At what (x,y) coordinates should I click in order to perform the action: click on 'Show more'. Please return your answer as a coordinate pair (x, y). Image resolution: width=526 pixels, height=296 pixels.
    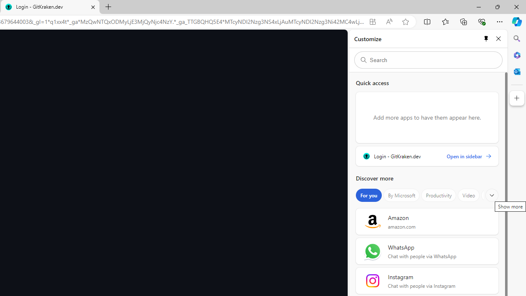
    Looking at the image, I should click on (492, 195).